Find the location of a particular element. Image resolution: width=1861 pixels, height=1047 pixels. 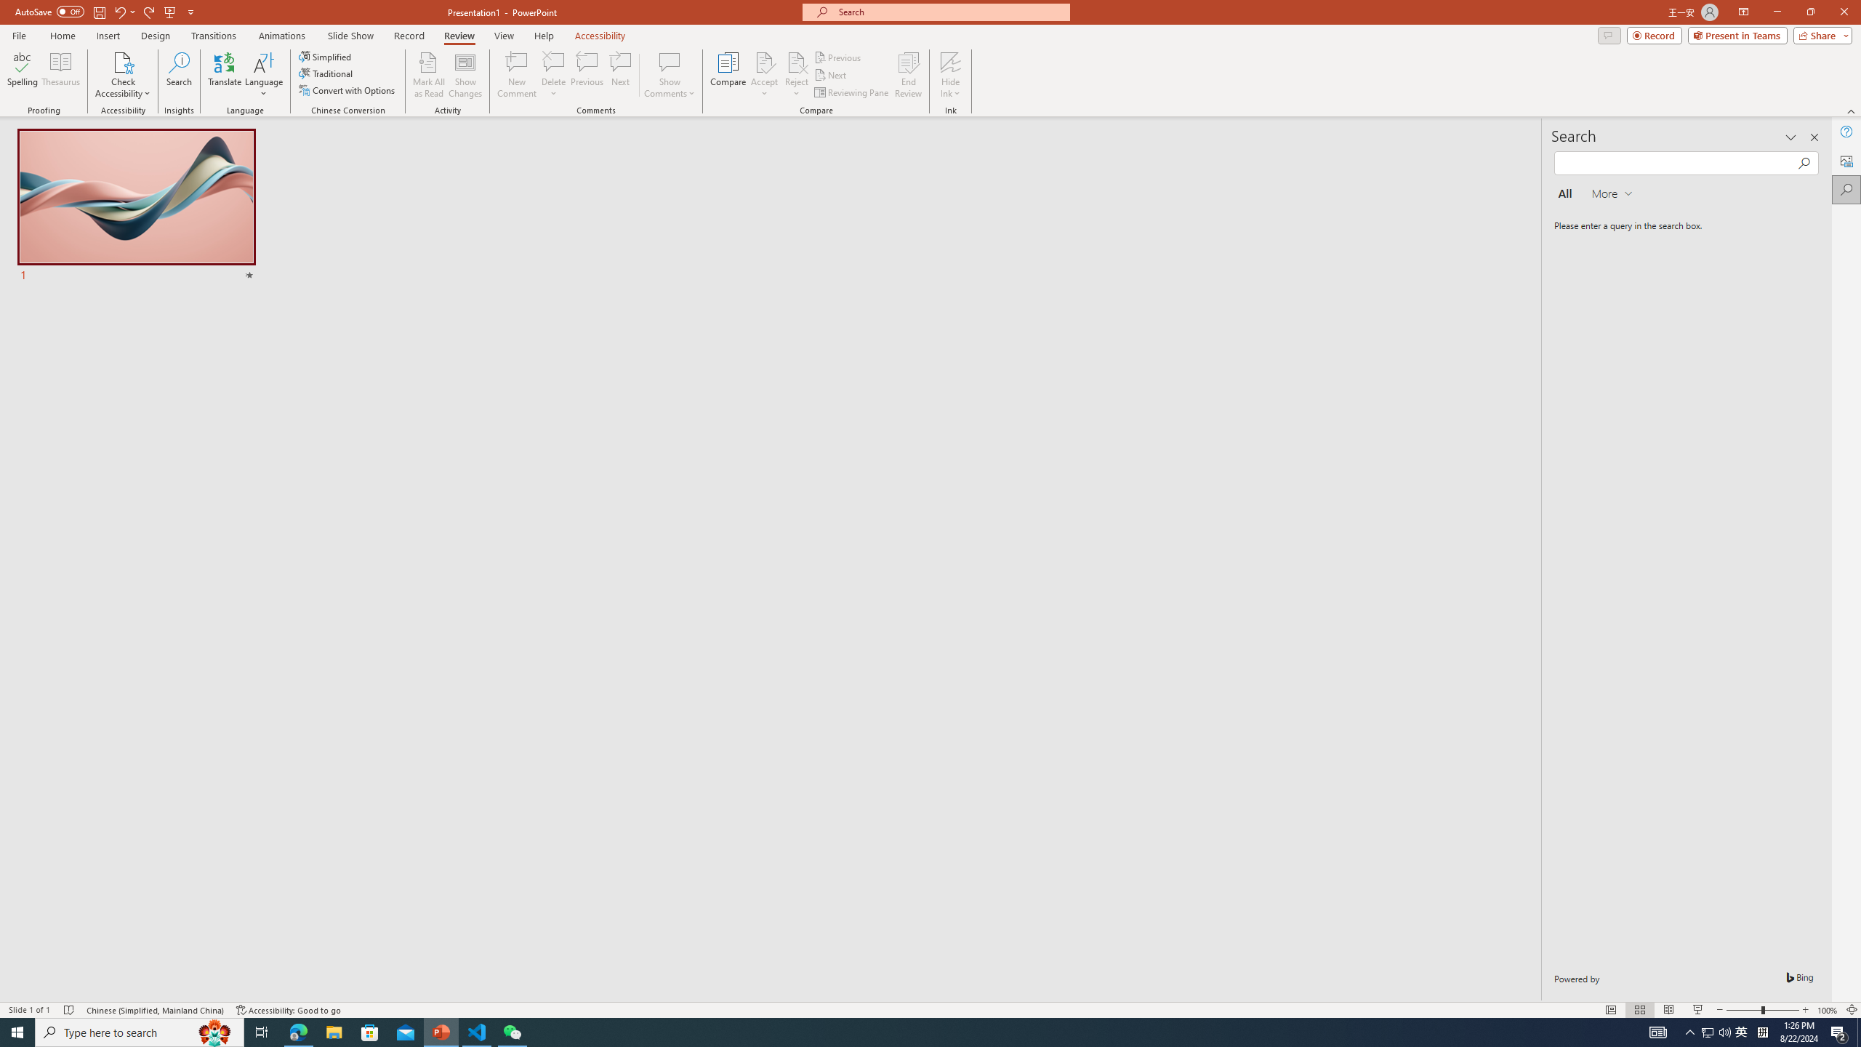

'Alt Text' is located at coordinates (1846, 161).